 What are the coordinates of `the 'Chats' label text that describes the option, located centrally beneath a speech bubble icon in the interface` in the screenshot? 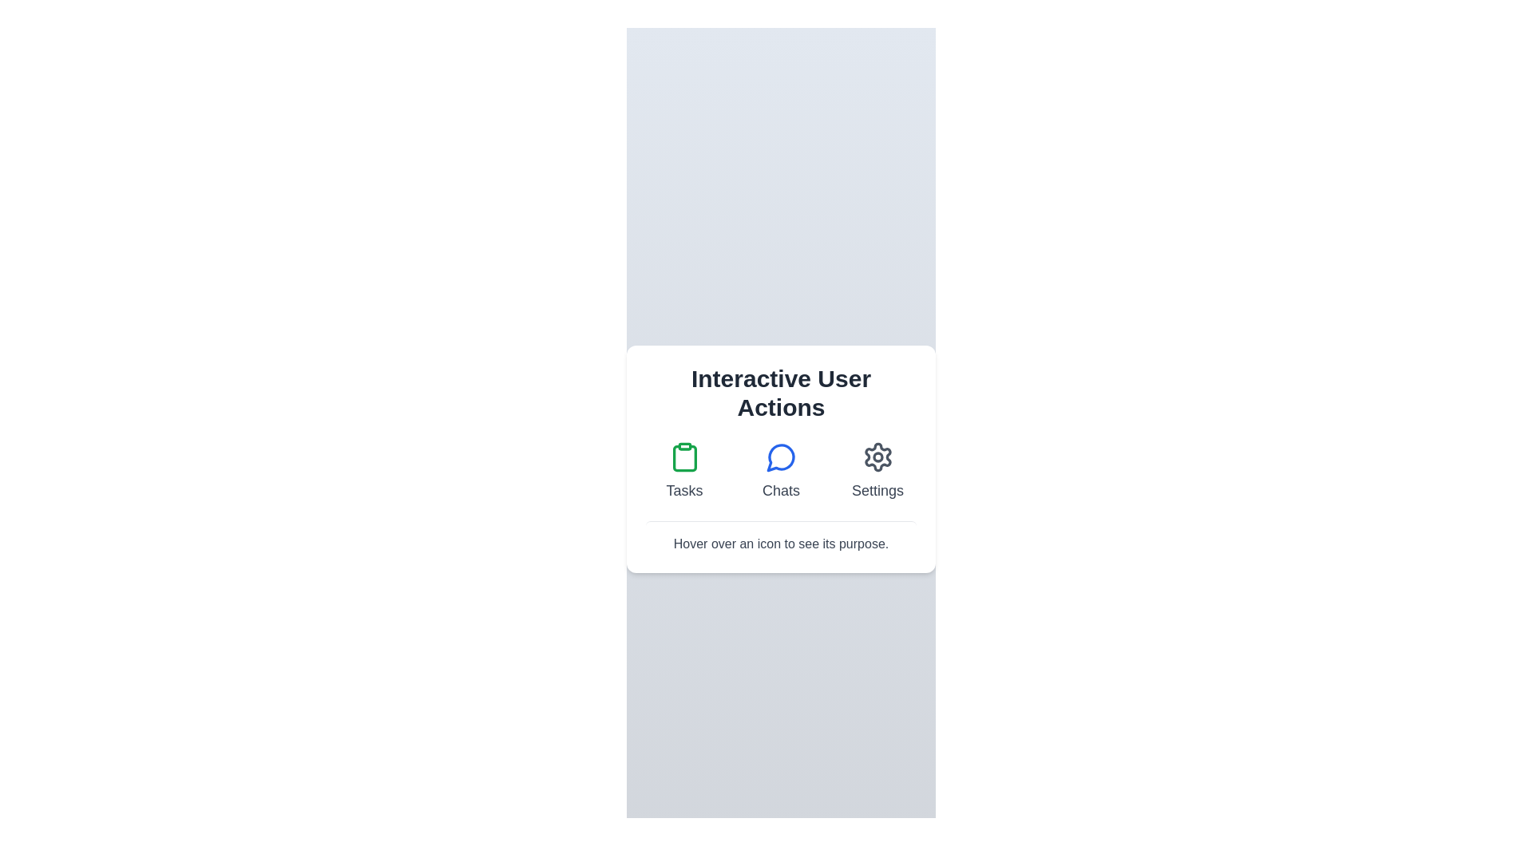 It's located at (781, 489).